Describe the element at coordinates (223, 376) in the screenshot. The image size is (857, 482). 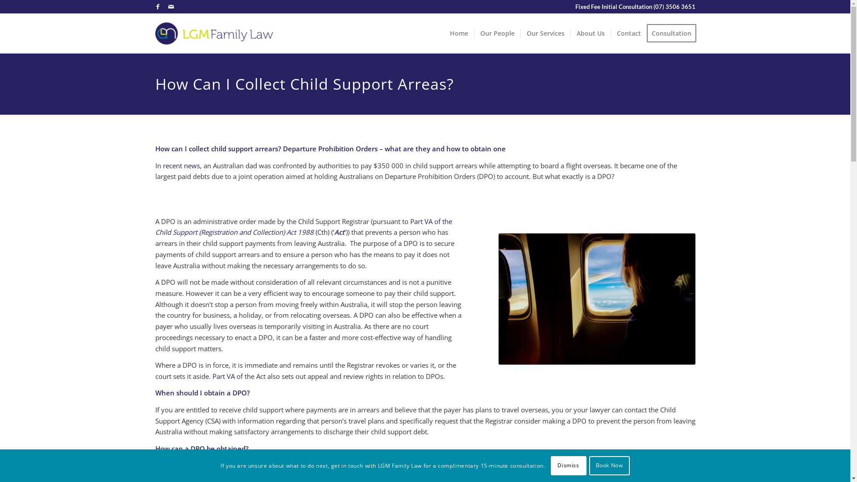
I see `'Part VA'` at that location.